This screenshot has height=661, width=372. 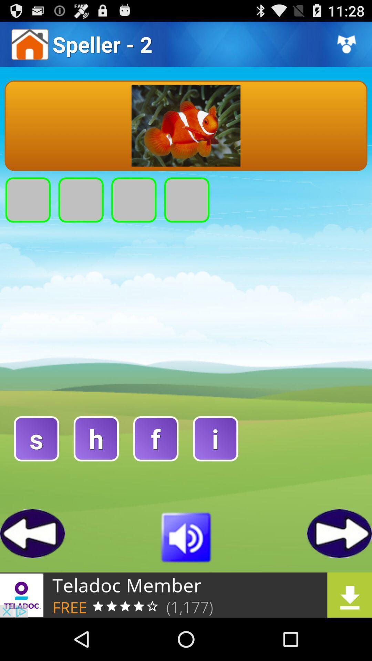 I want to click on open audio, so click(x=186, y=536).